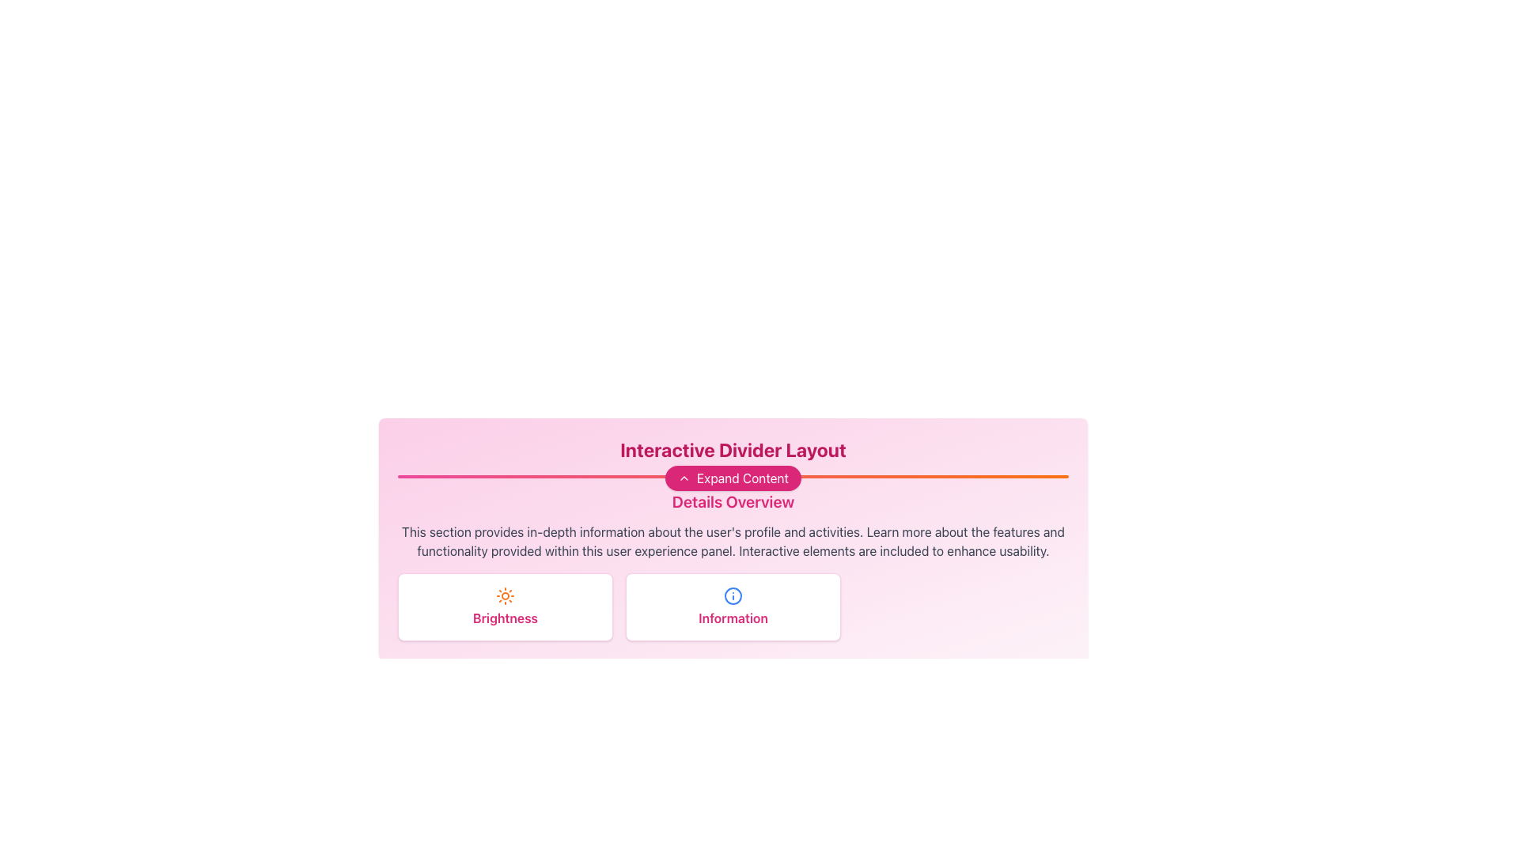 The width and height of the screenshot is (1519, 854). What do you see at coordinates (732, 475) in the screenshot?
I see `the colorful gradient horizontal divider located beneath the 'Interactive Divider Layout' headline and above the 'Expand Content' button` at bounding box center [732, 475].